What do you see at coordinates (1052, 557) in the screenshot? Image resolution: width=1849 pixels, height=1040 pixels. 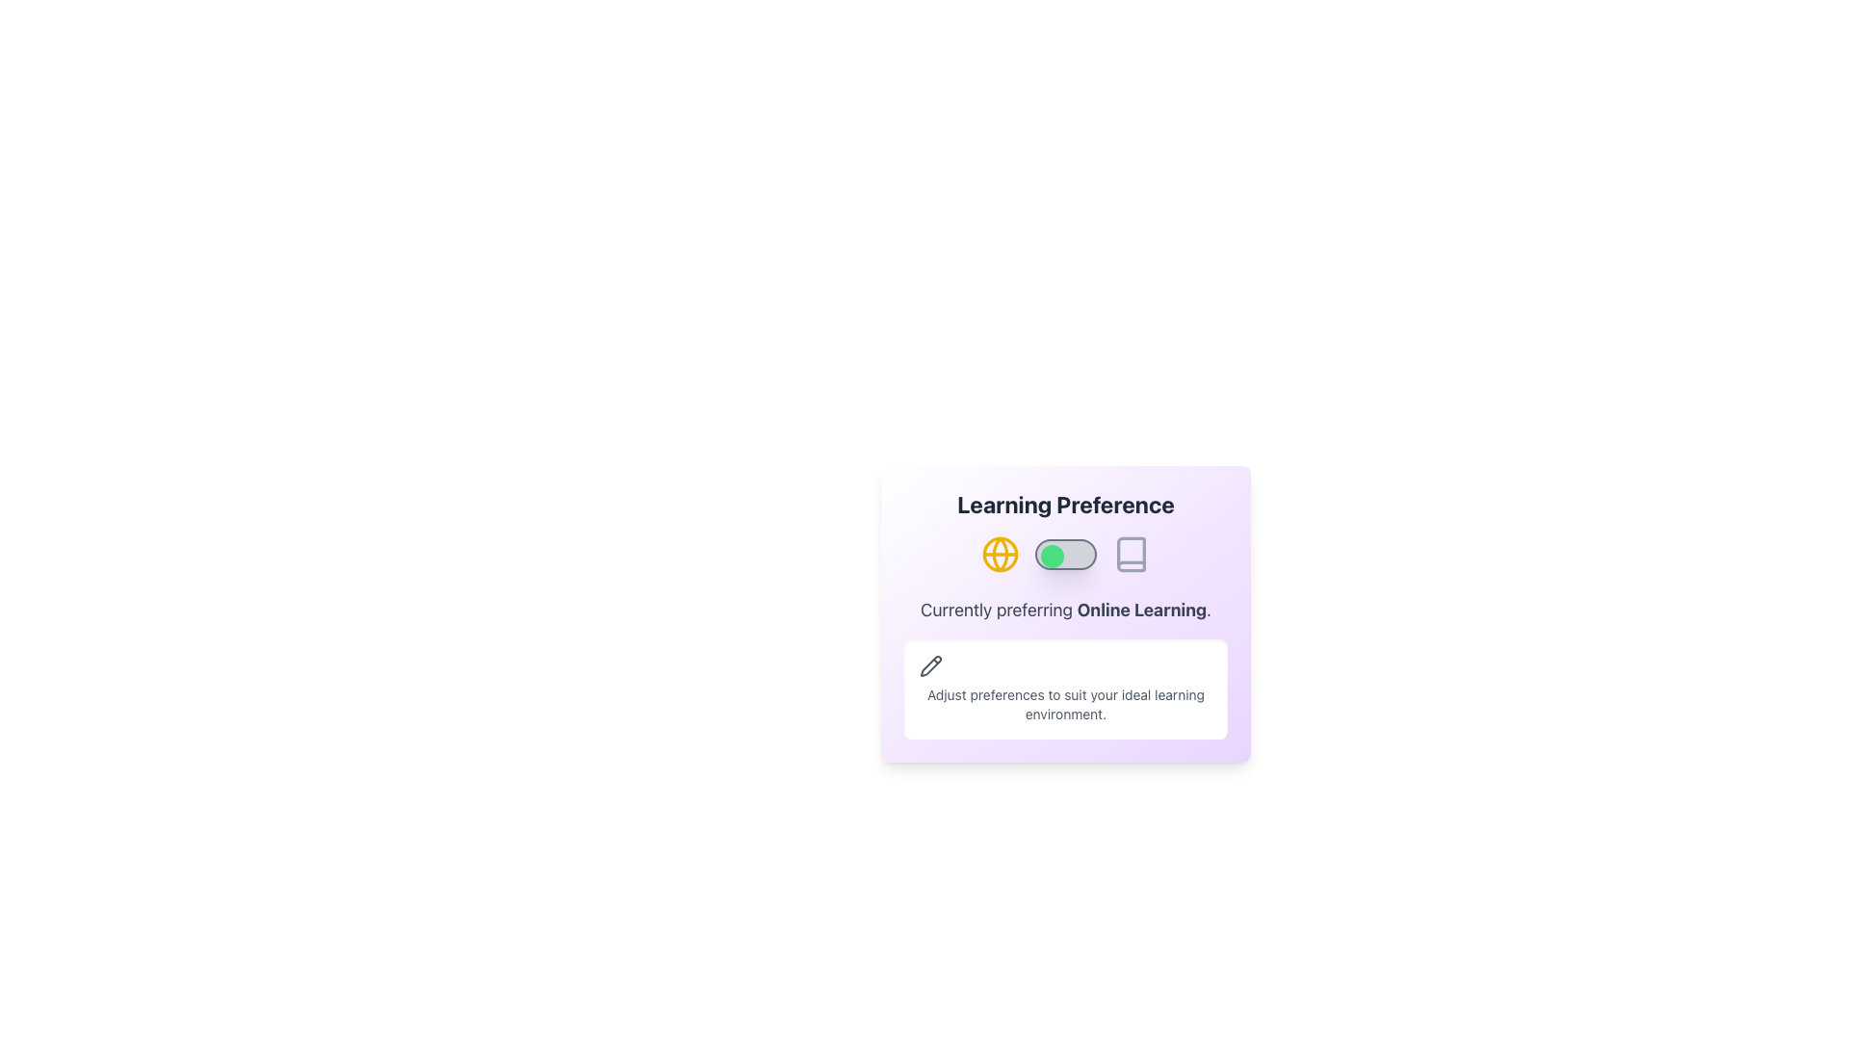 I see `the leftmost circular toggle switch handle with a bright green background` at bounding box center [1052, 557].